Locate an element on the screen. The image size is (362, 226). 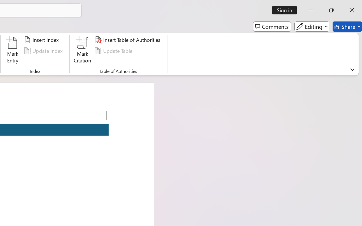
'Insert Table of Authorities...' is located at coordinates (128, 40).